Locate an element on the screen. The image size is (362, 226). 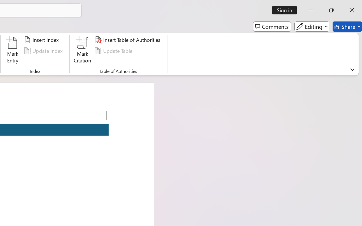
'Insert Table of Authorities...' is located at coordinates (128, 40).